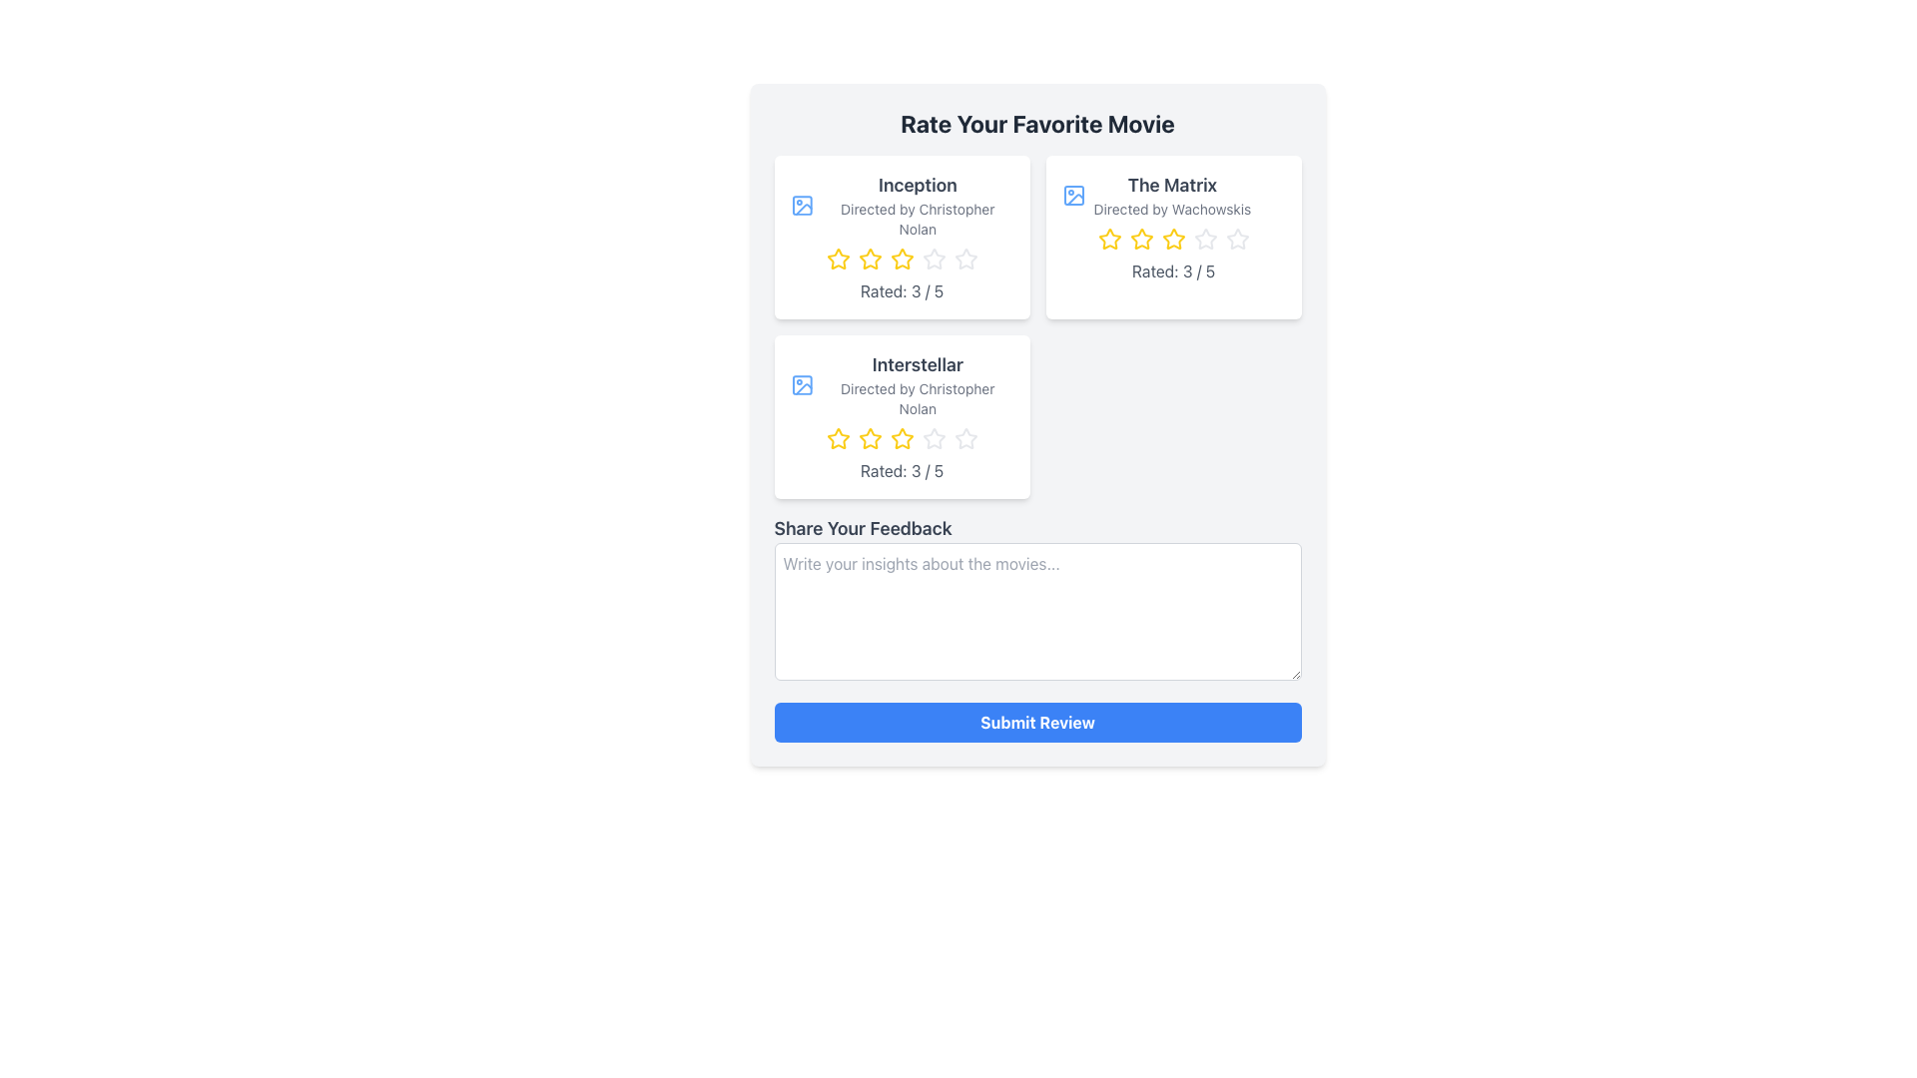 The height and width of the screenshot is (1078, 1917). What do you see at coordinates (1141, 238) in the screenshot?
I see `the second yellow star icon in the rating section for the movie 'The Matrix' to rate it` at bounding box center [1141, 238].